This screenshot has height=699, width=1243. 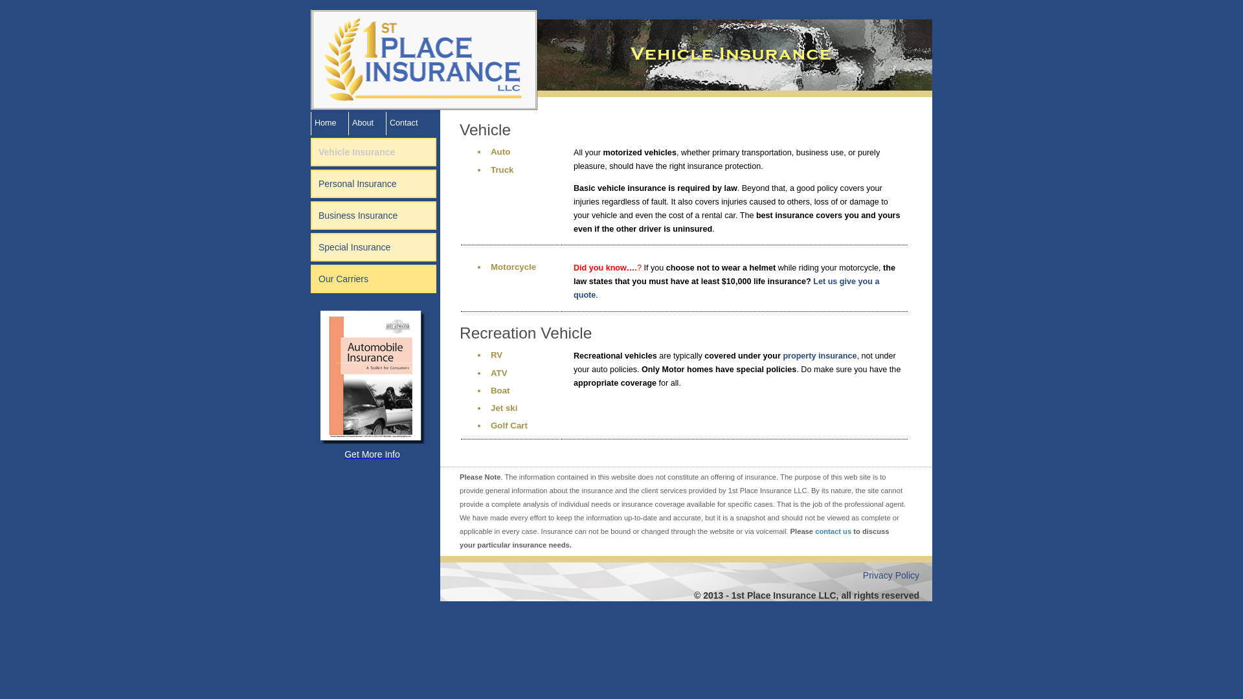 I want to click on 'About', so click(x=363, y=122).